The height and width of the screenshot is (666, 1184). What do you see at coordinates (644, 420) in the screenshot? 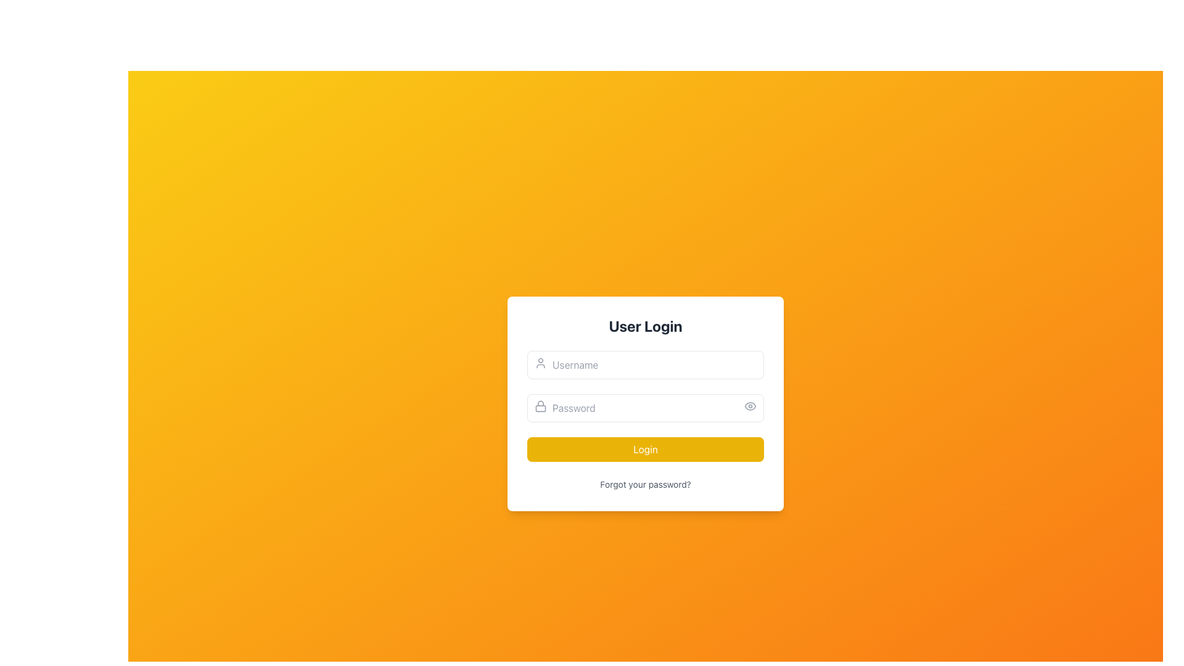
I see `the password visibility toggle located within the 'User Login' form element` at bounding box center [644, 420].